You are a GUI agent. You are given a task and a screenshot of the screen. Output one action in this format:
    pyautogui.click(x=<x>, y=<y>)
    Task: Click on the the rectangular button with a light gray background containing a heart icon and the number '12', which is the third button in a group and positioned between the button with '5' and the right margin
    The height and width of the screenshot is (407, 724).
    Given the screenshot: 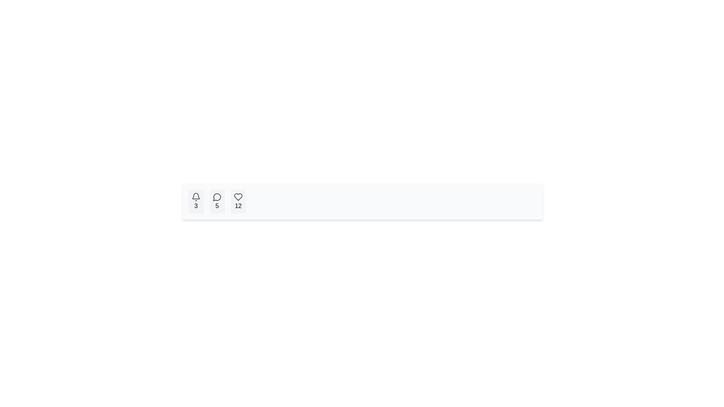 What is the action you would take?
    pyautogui.click(x=238, y=201)
    